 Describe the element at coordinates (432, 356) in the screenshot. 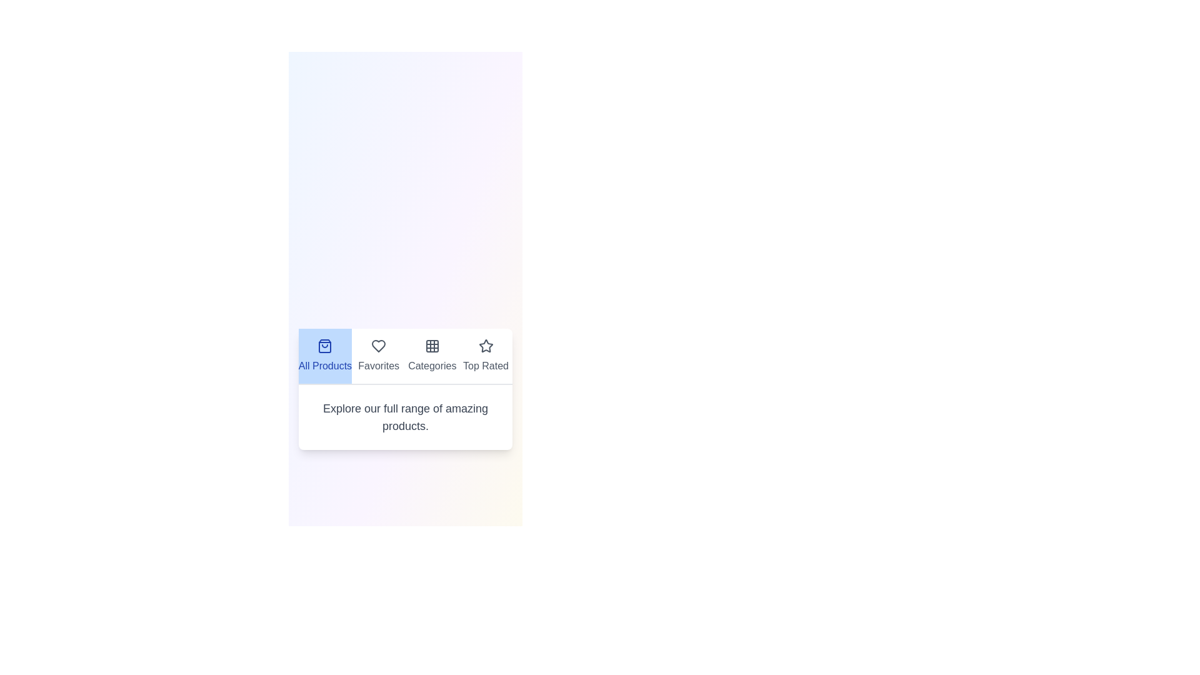

I see `the Categories tab to display its contents` at that location.